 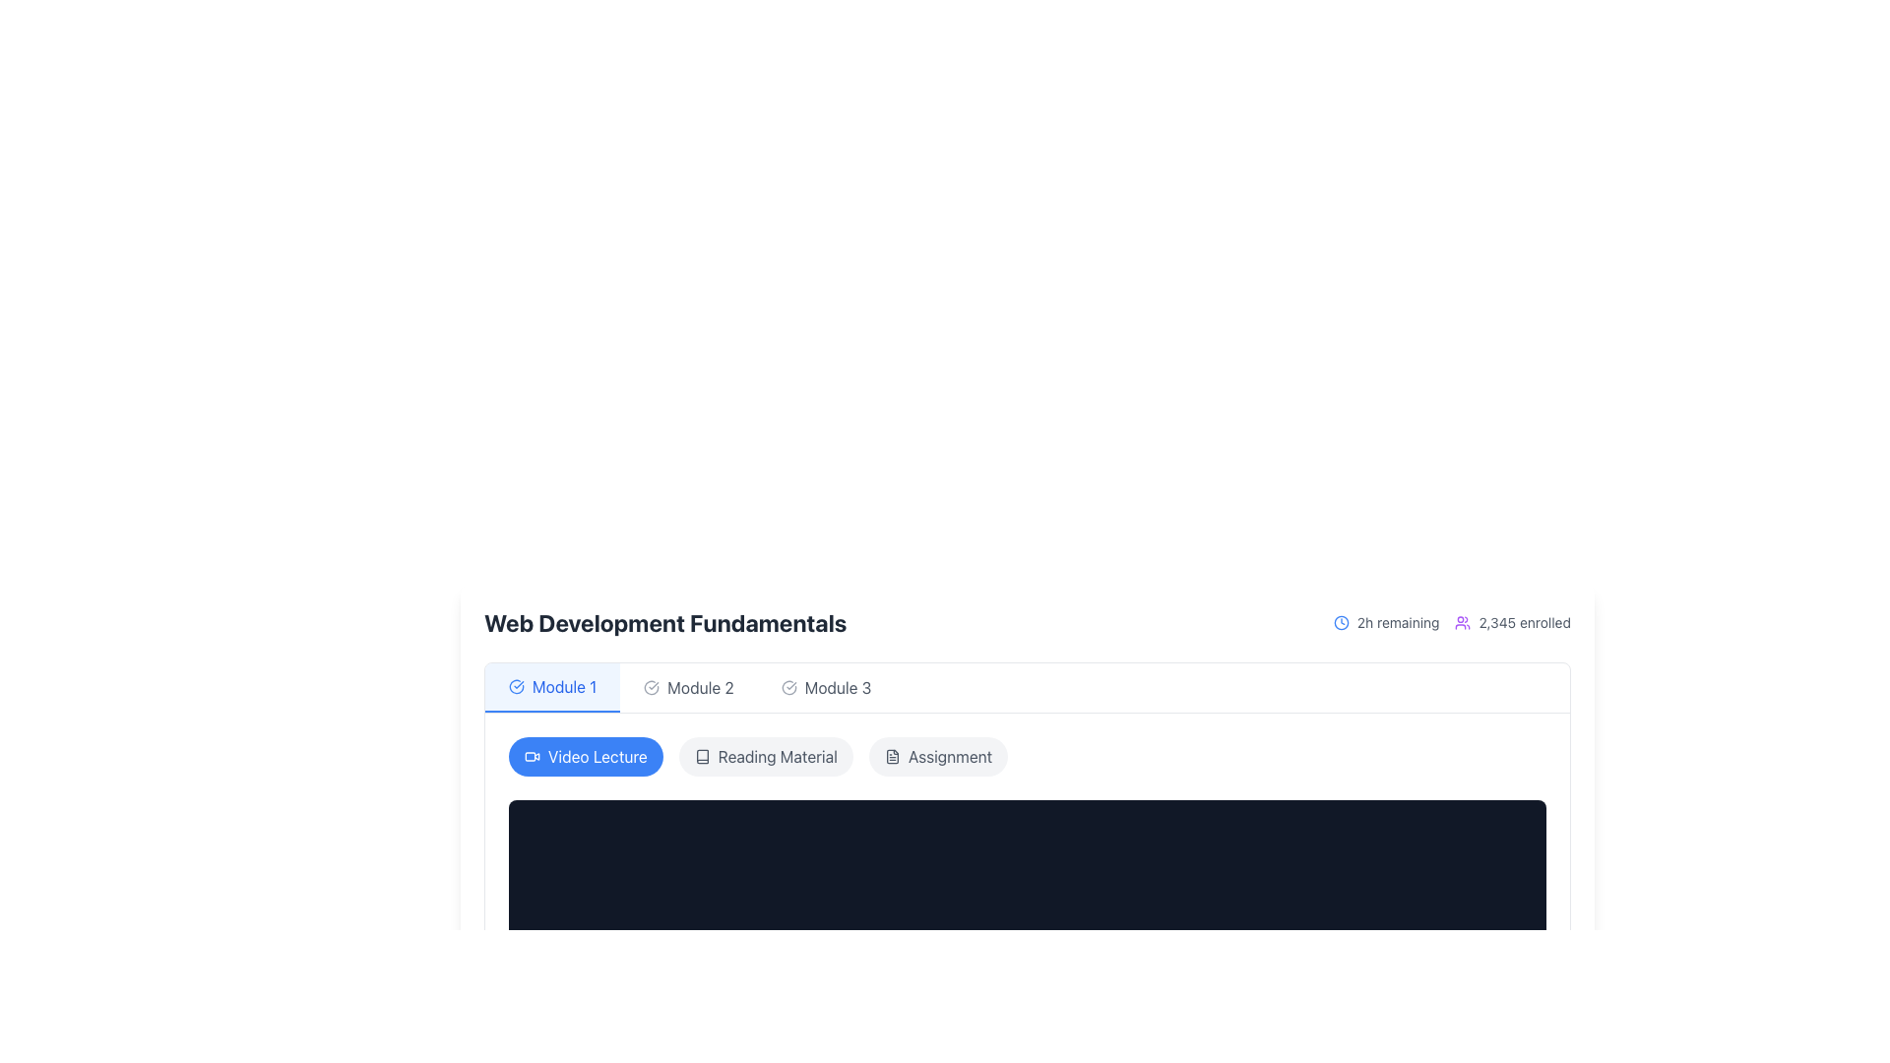 What do you see at coordinates (551, 686) in the screenshot?
I see `the 'Module 1' navigation tab located below the header 'Web Development Fundamentals'` at bounding box center [551, 686].